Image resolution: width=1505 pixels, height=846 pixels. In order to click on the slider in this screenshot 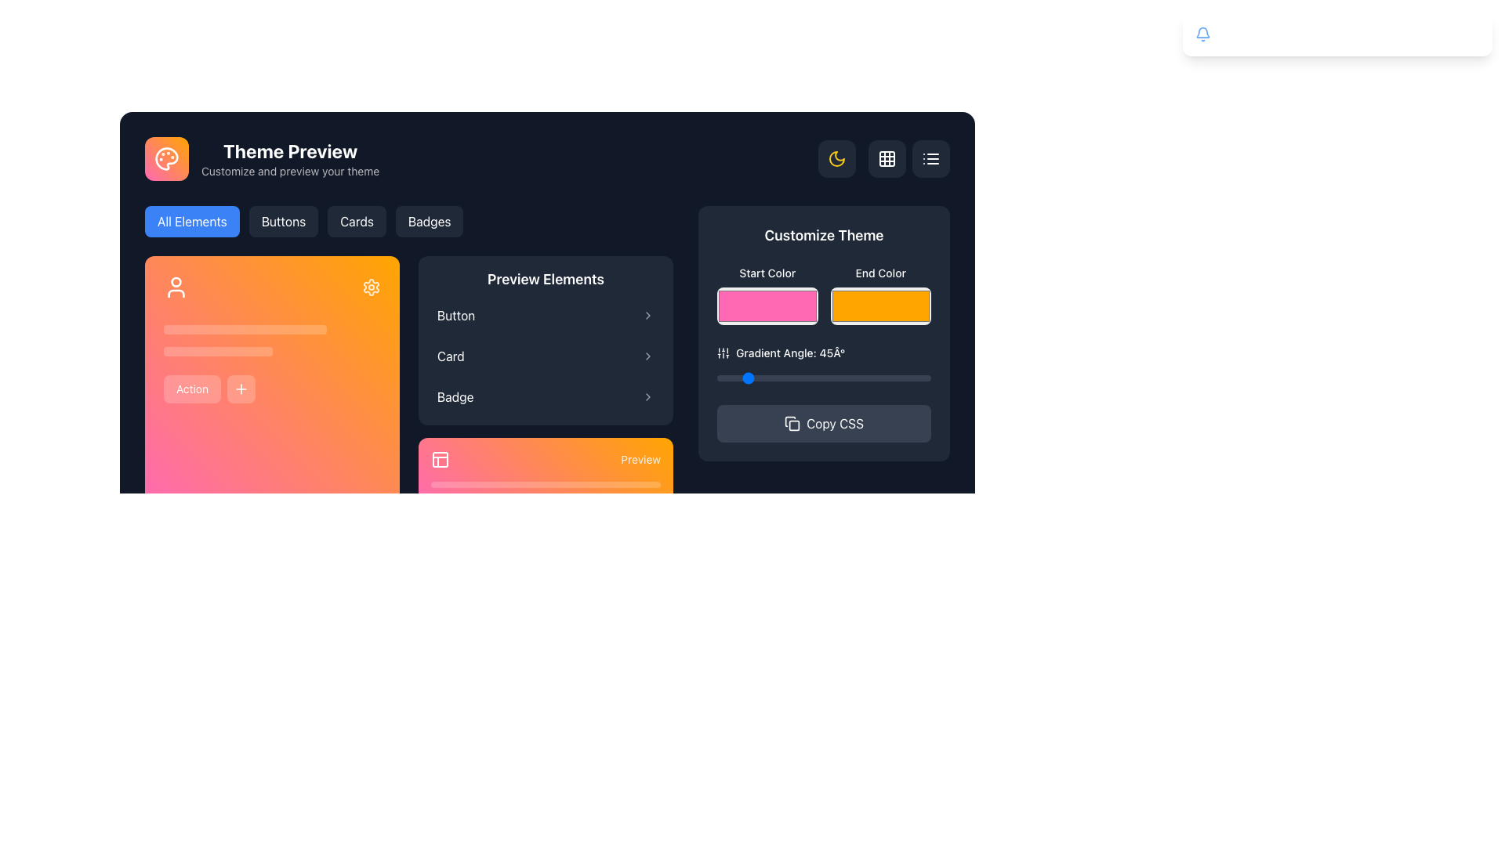, I will do `click(264, 328)`.